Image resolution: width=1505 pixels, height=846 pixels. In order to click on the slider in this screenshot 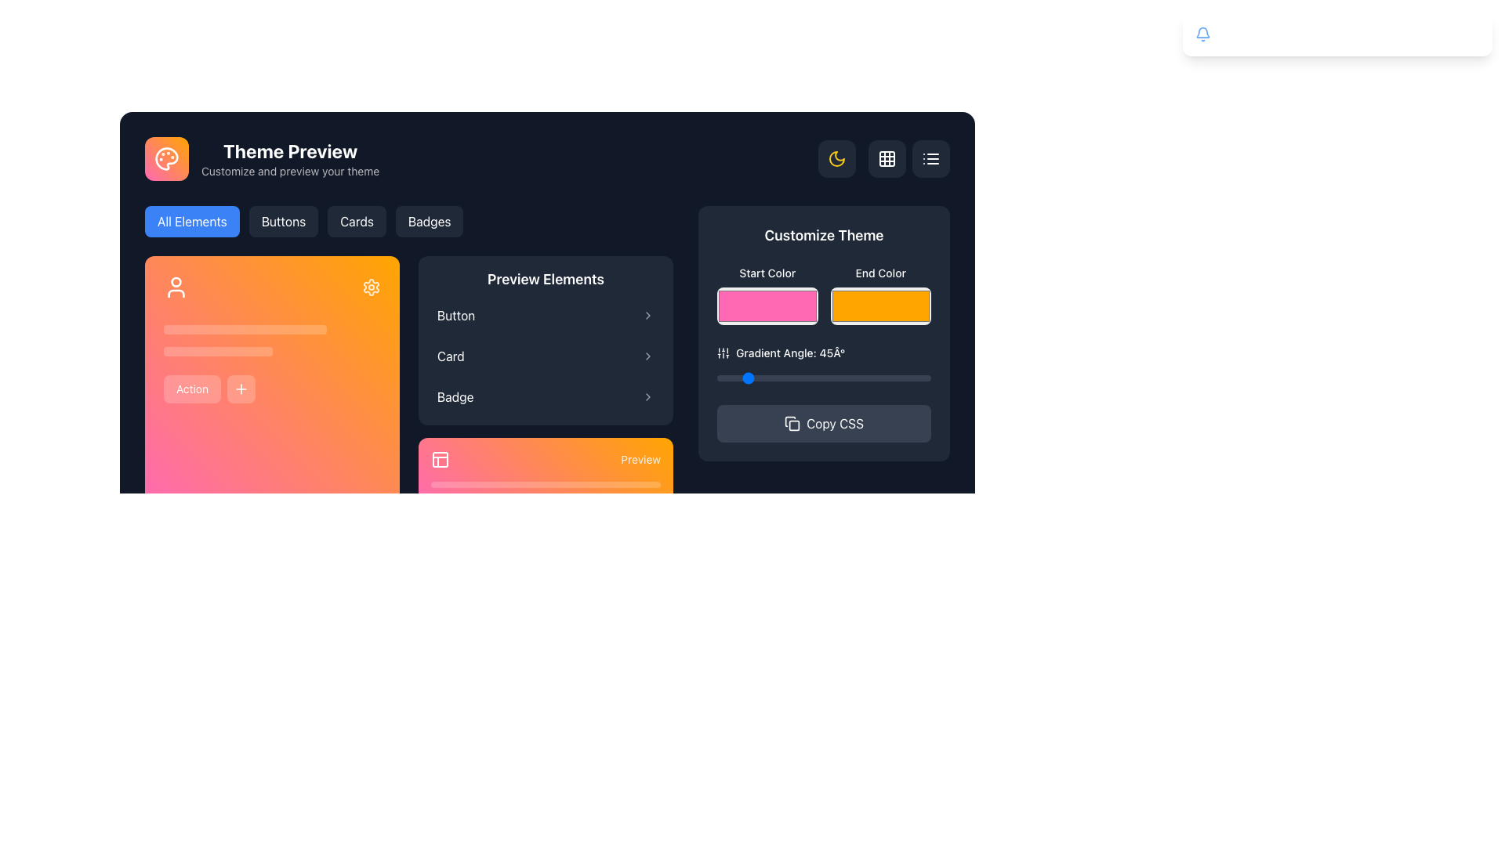, I will do `click(264, 328)`.